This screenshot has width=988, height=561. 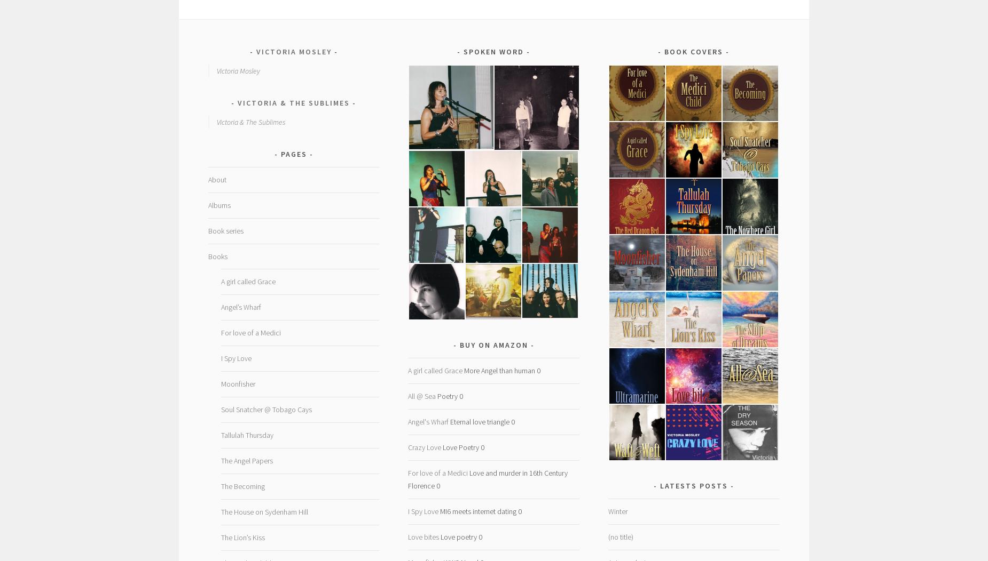 I want to click on 'Pages', so click(x=293, y=154).